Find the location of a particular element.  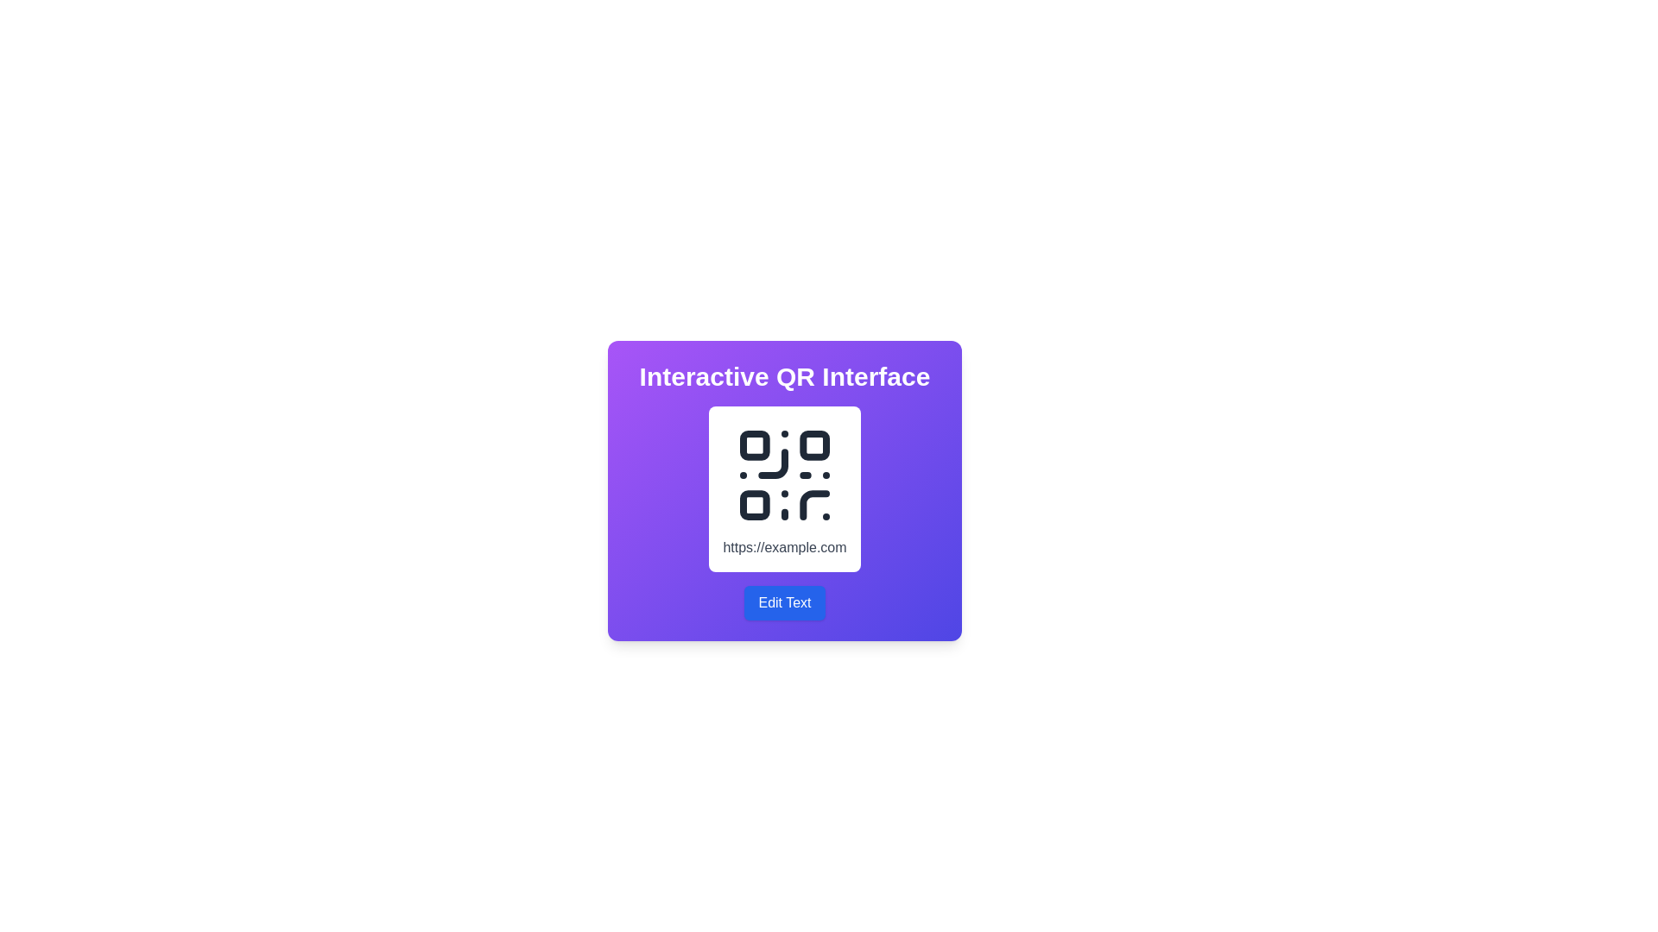

the rectangular 'Edit Text' button with a blue background is located at coordinates (783, 601).